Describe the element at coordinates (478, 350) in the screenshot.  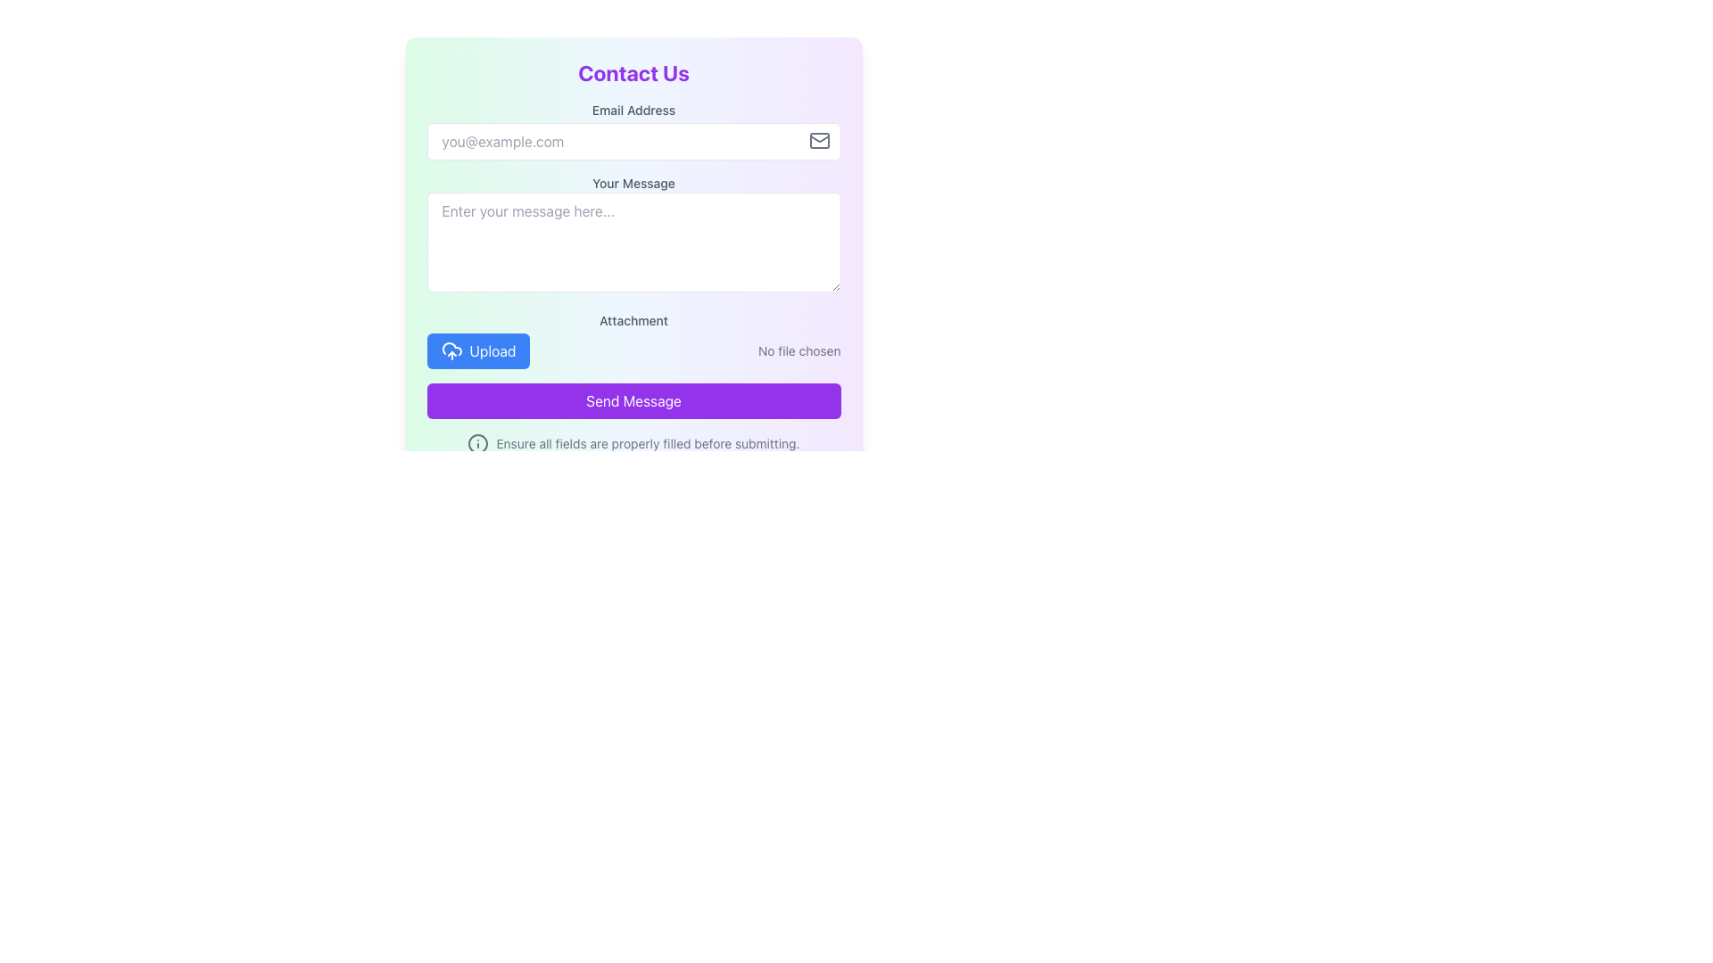
I see `the blue 'Upload' button with a white icon and text, located below the 'Your Message' text area` at that location.